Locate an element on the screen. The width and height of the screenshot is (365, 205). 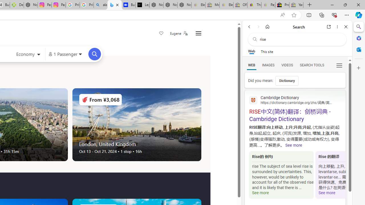
'Eugene' is located at coordinates (178, 33).